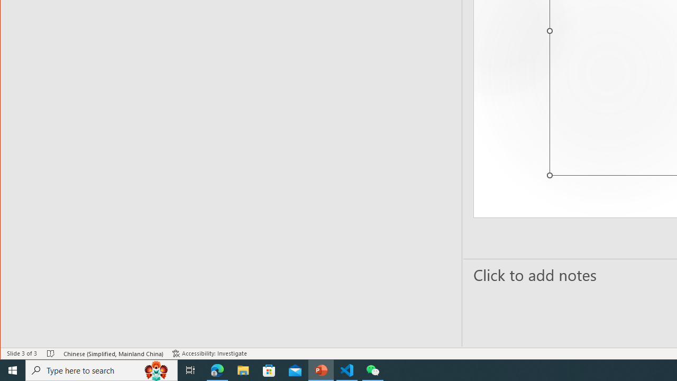 This screenshot has height=381, width=677. What do you see at coordinates (373, 369) in the screenshot?
I see `'WeChat - 1 running window'` at bounding box center [373, 369].